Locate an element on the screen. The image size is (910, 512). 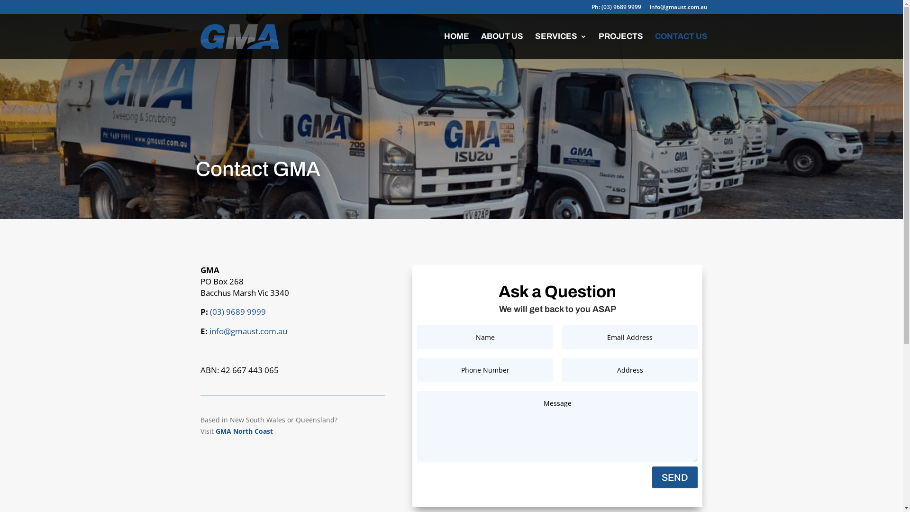
'info@gmaust.com.au' is located at coordinates (248, 330).